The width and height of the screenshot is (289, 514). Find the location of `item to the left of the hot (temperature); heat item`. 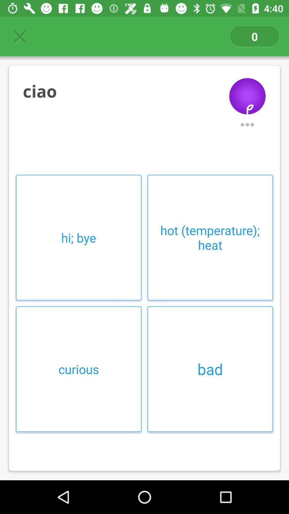

item to the left of the hot (temperature); heat item is located at coordinates (79, 237).